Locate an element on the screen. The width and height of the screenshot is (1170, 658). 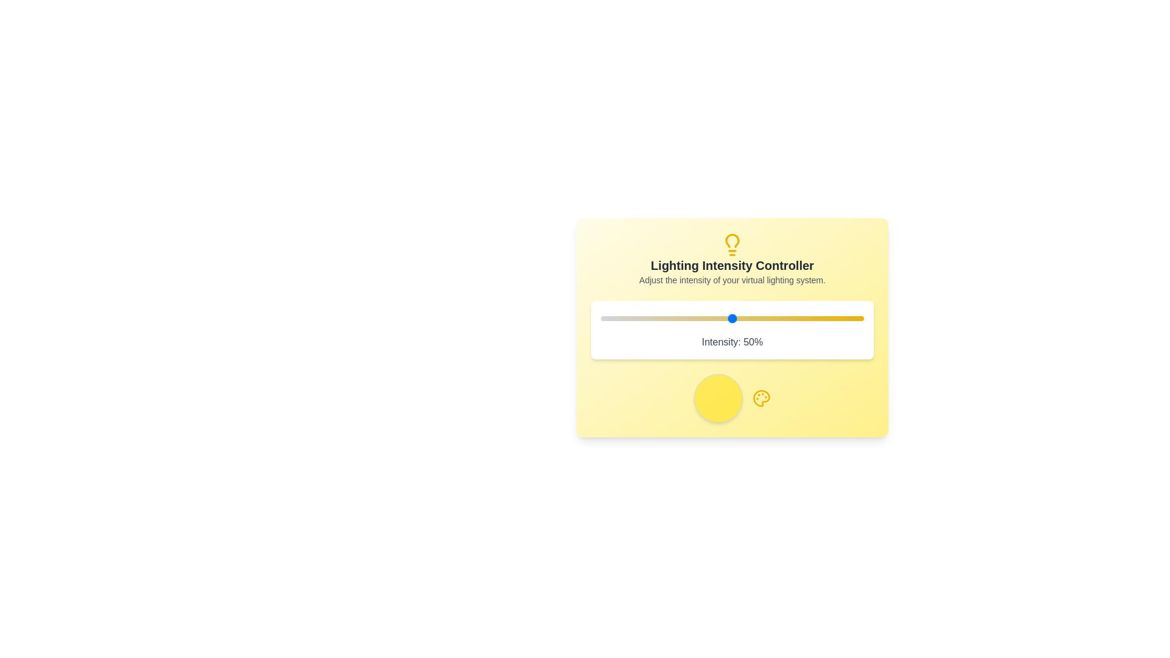
the lighting intensity to 97% by interacting with the slider is located at coordinates (856, 318).